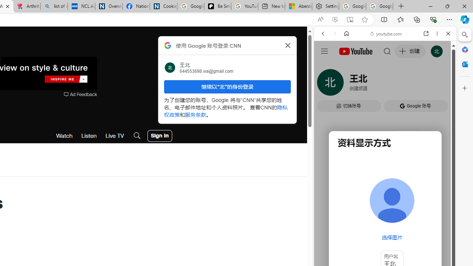 Image resolution: width=473 pixels, height=266 pixels. What do you see at coordinates (137, 136) in the screenshot?
I see `'Search Icon'` at bounding box center [137, 136].